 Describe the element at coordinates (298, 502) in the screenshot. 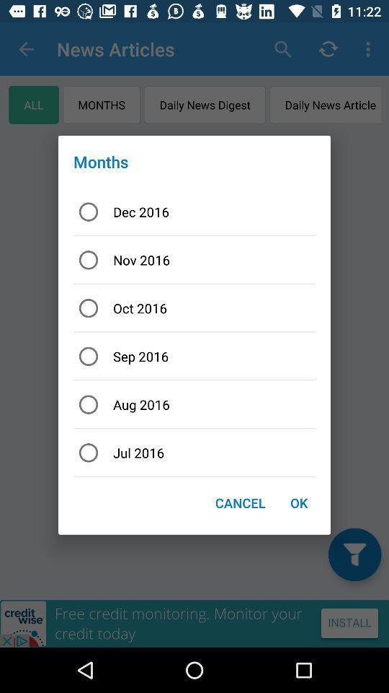

I see `the icon below jul 2016 item` at that location.